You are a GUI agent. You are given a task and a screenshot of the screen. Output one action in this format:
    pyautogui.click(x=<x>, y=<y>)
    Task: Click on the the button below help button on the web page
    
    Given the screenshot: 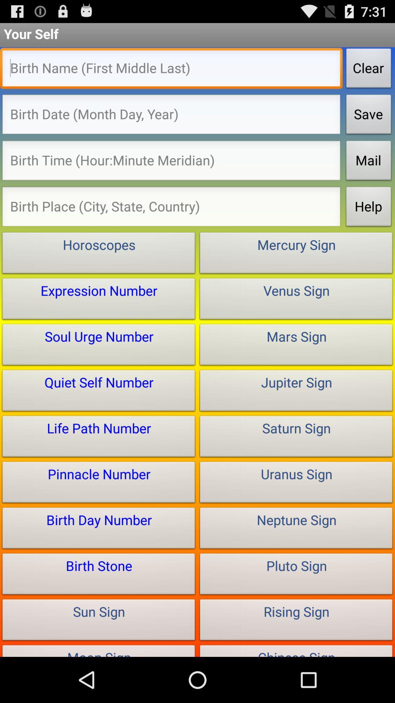 What is the action you would take?
    pyautogui.click(x=296, y=254)
    